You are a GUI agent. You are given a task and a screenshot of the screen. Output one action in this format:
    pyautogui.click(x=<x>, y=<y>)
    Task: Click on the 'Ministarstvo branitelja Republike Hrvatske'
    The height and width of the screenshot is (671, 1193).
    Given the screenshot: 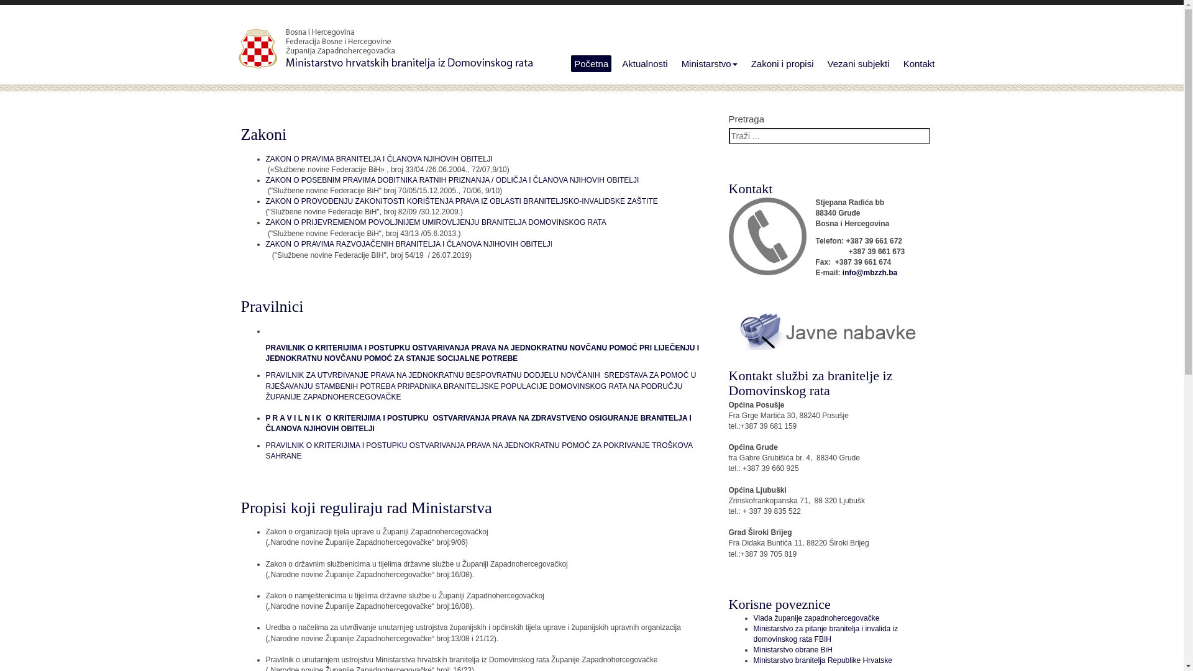 What is the action you would take?
    pyautogui.click(x=822, y=660)
    